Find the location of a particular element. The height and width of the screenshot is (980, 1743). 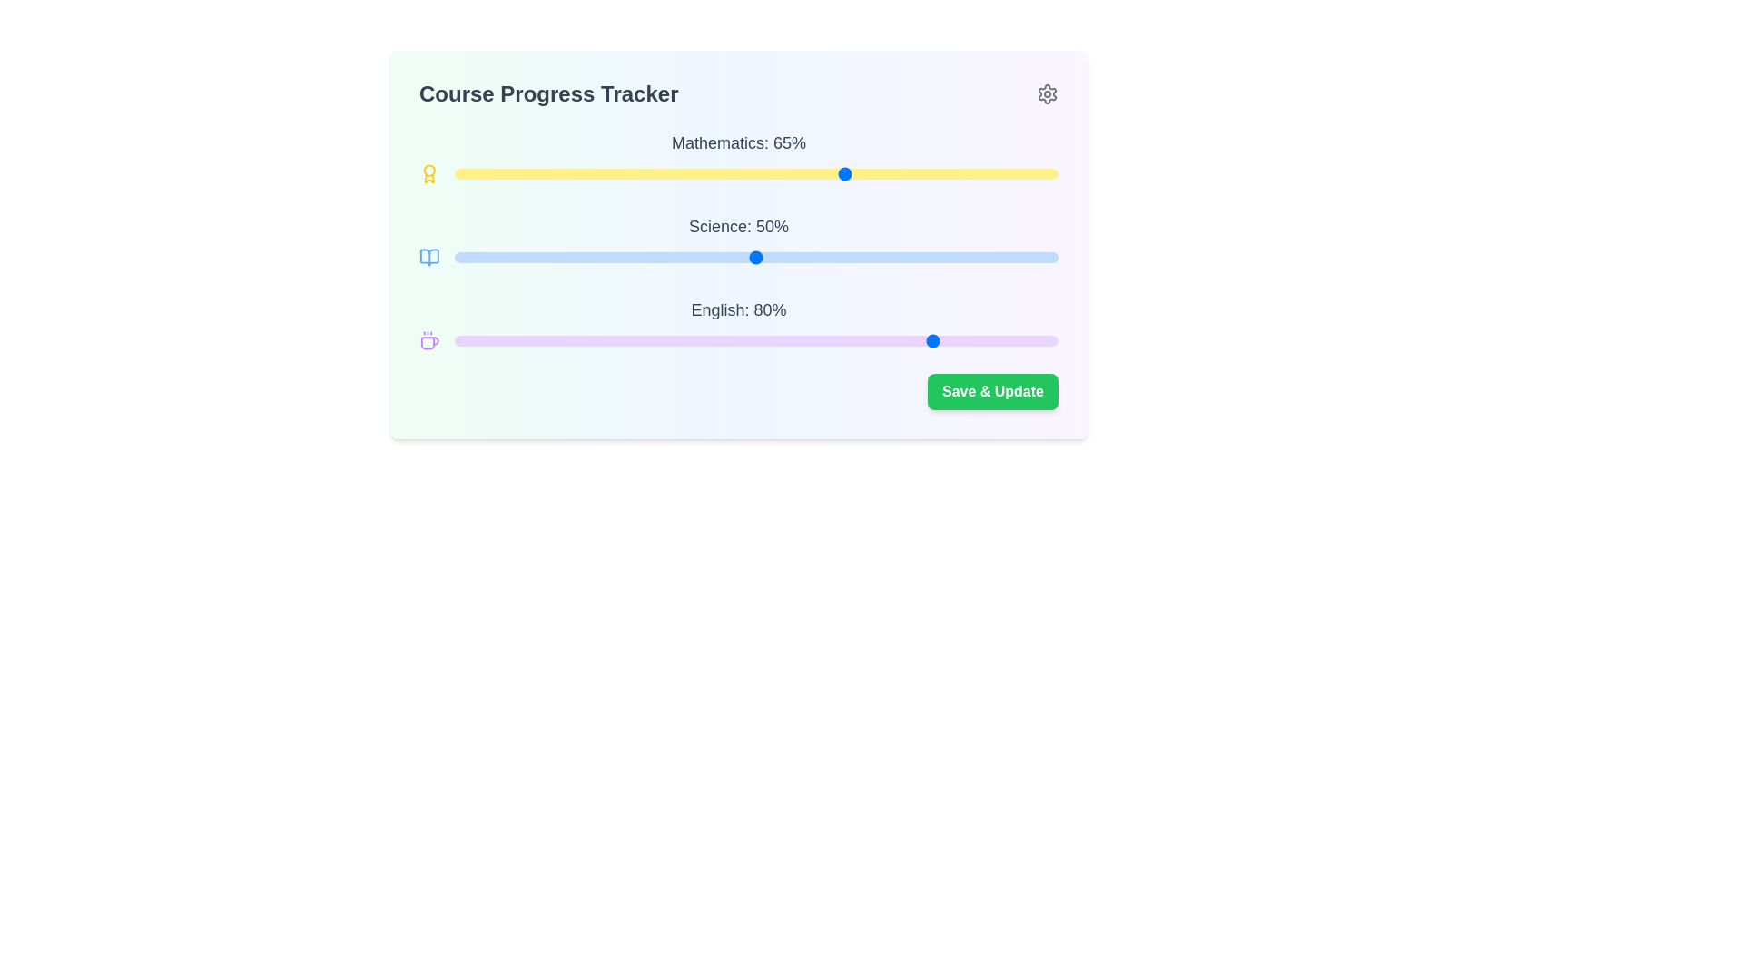

the mathematics progress slider is located at coordinates (568, 174).